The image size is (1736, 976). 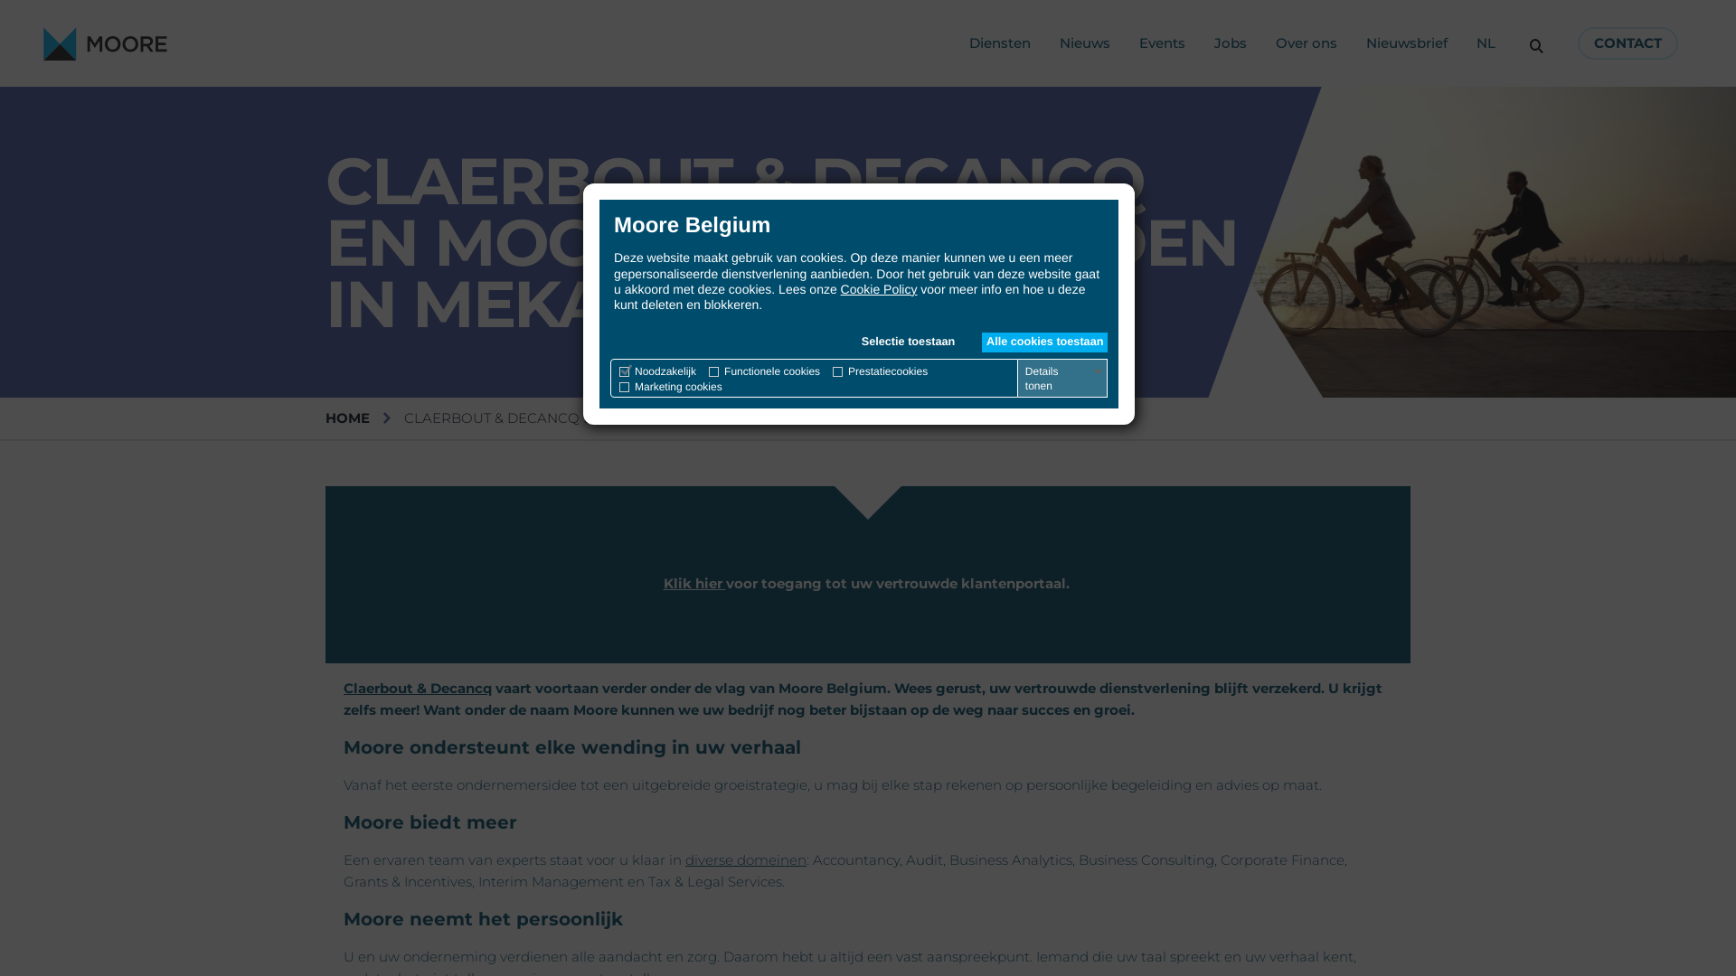 I want to click on 'Events', so click(x=1162, y=42).